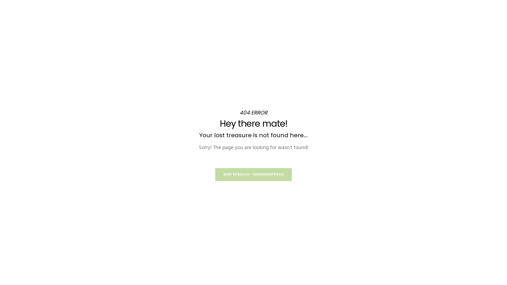  What do you see at coordinates (253, 174) in the screenshot?
I see `'BABY IM BAUCH - HEBAMMENPRAXIS'` at bounding box center [253, 174].